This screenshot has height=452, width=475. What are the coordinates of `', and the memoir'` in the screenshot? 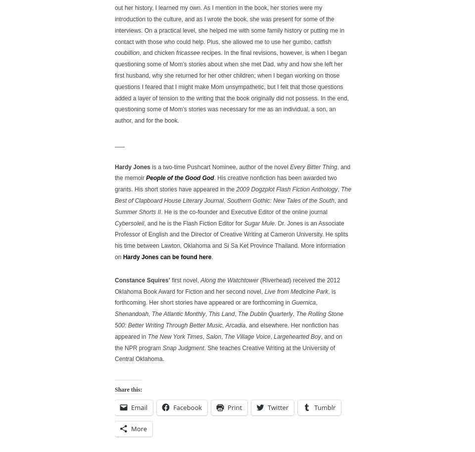 It's located at (233, 172).